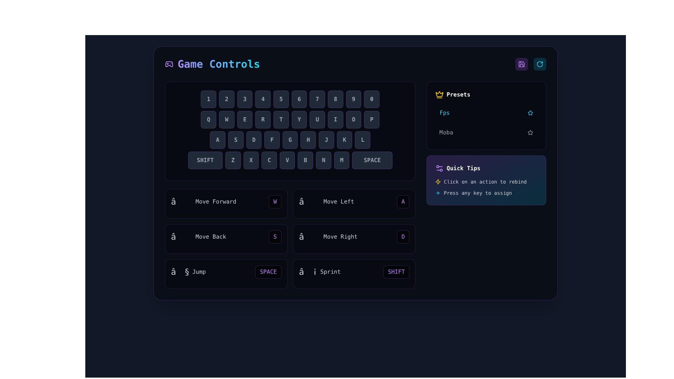  Describe the element at coordinates (486, 181) in the screenshot. I see `instructional text located in the 'Quick Tips' section at the bottom right of the interface, specifically the first item with a yellow icon and descriptive text` at that location.